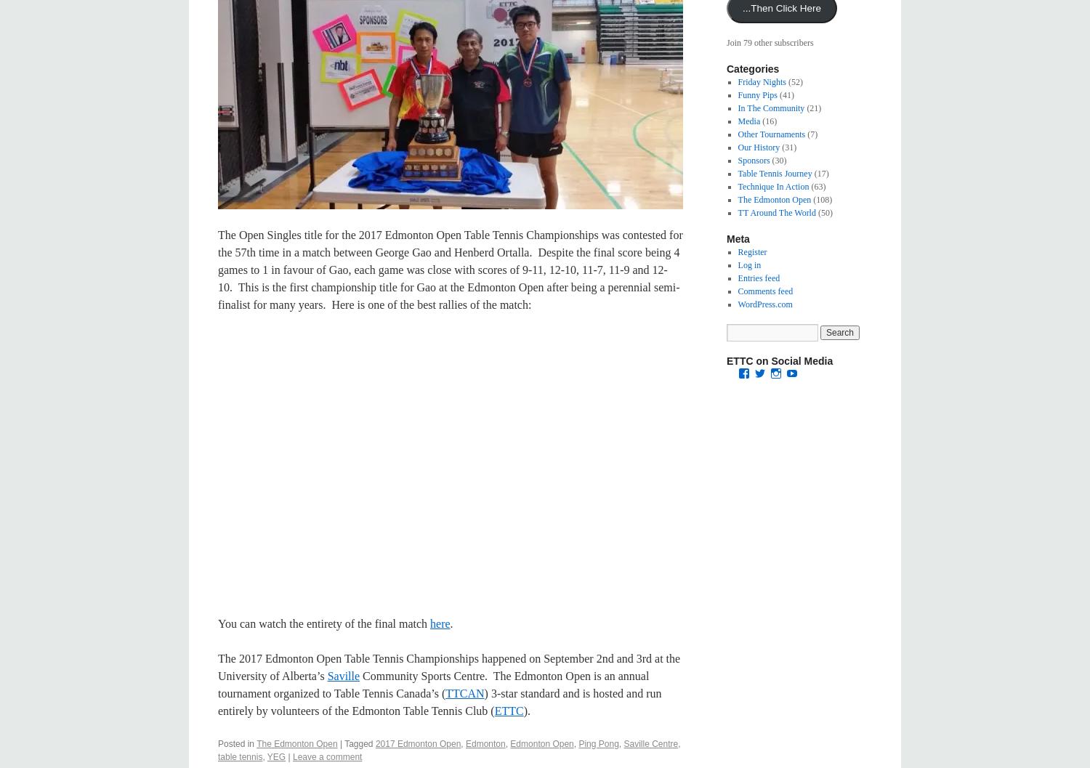  I want to click on '(63)', so click(816, 185).